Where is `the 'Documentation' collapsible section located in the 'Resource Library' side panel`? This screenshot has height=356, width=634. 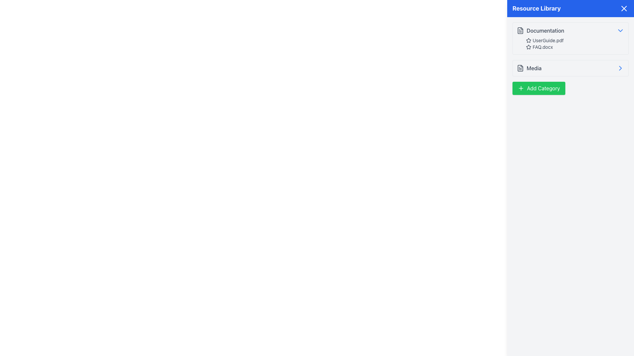
the 'Documentation' collapsible section located in the 'Resource Library' side panel is located at coordinates (570, 38).